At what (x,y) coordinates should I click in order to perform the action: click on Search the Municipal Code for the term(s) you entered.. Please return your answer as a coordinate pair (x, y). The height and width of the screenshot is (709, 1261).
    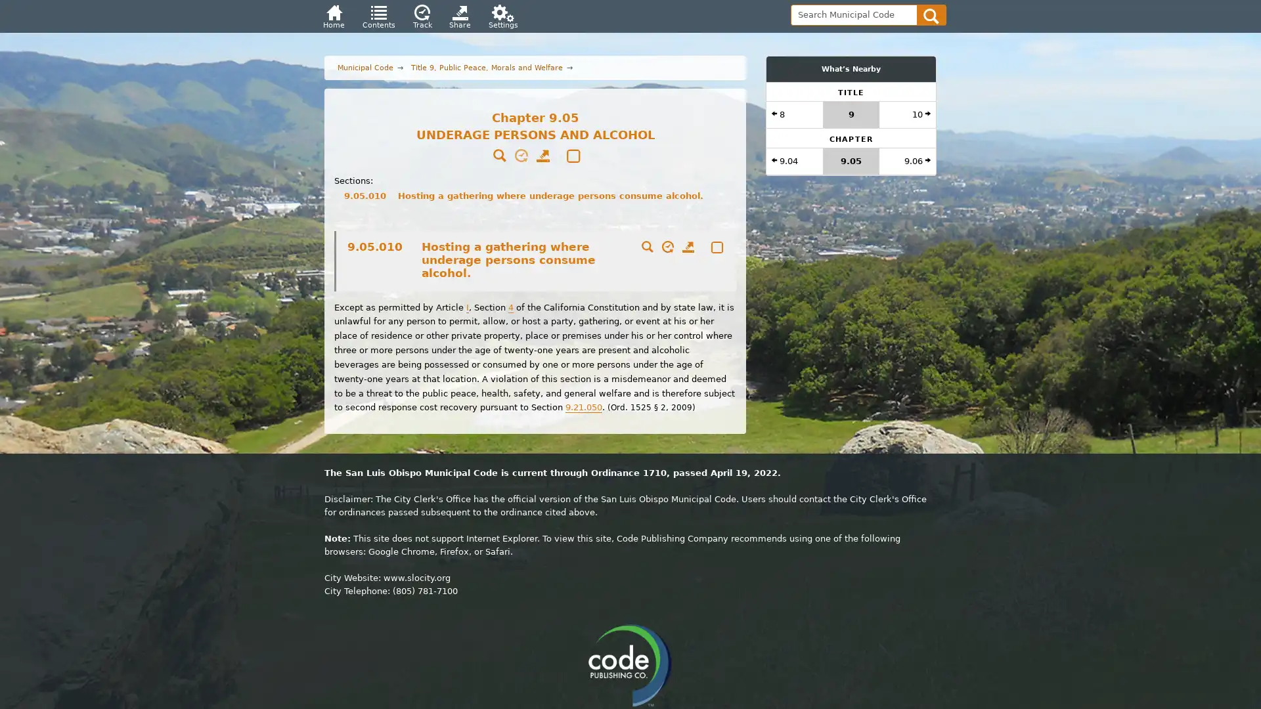
    Looking at the image, I should click on (931, 14).